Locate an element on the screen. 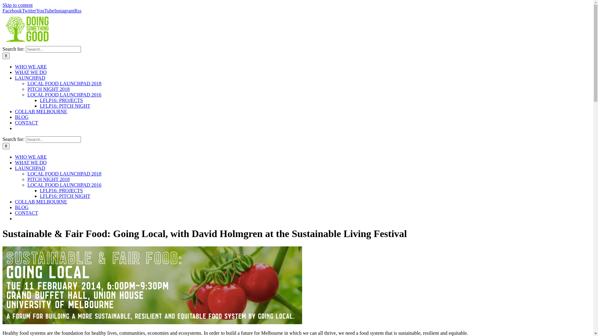 This screenshot has height=336, width=598. 'LOCAL FOOD LAUNCHPAD 2016' is located at coordinates (64, 95).